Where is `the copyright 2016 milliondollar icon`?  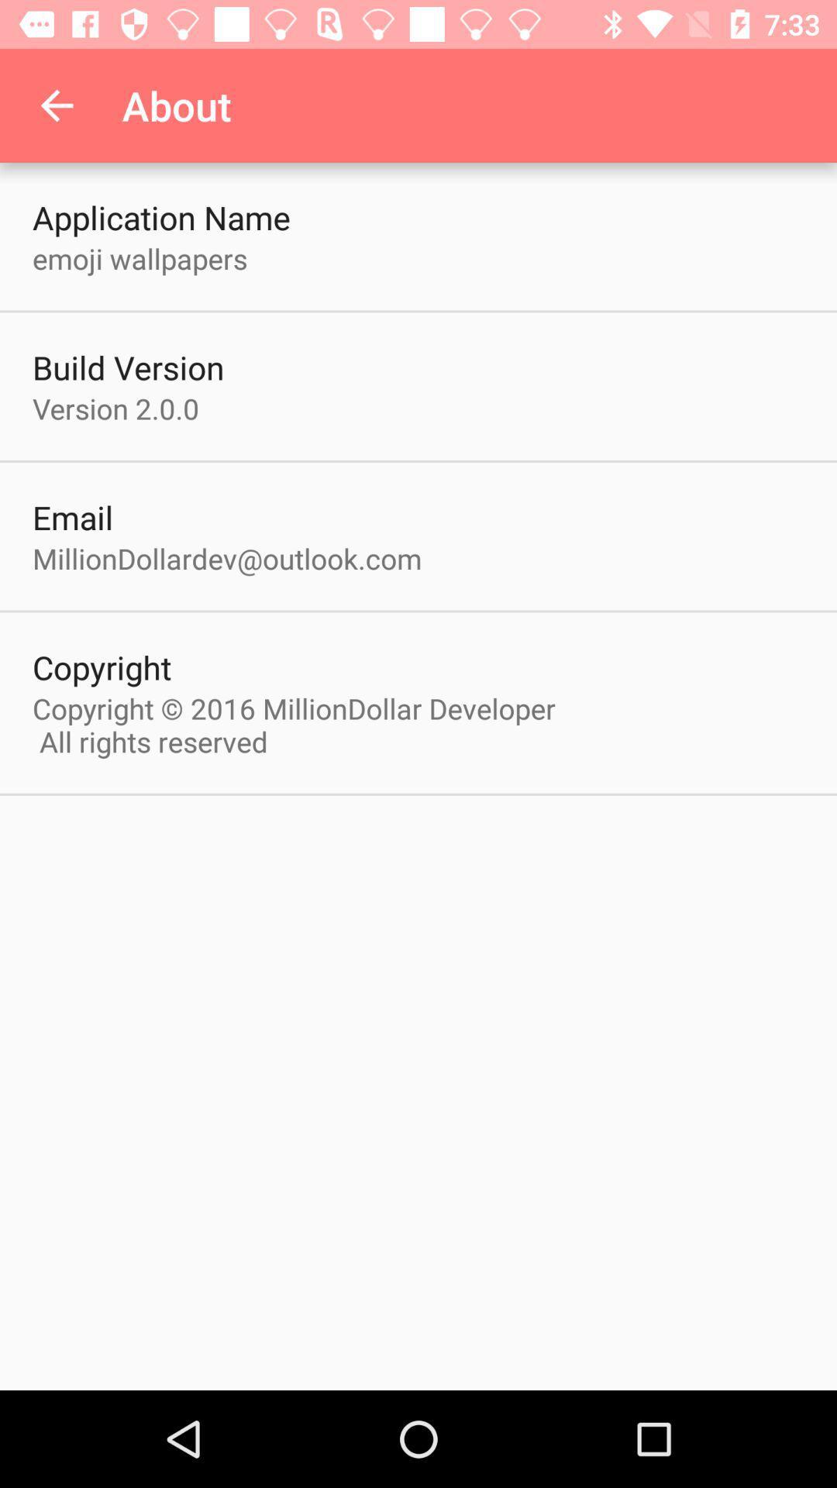
the copyright 2016 milliondollar icon is located at coordinates (301, 724).